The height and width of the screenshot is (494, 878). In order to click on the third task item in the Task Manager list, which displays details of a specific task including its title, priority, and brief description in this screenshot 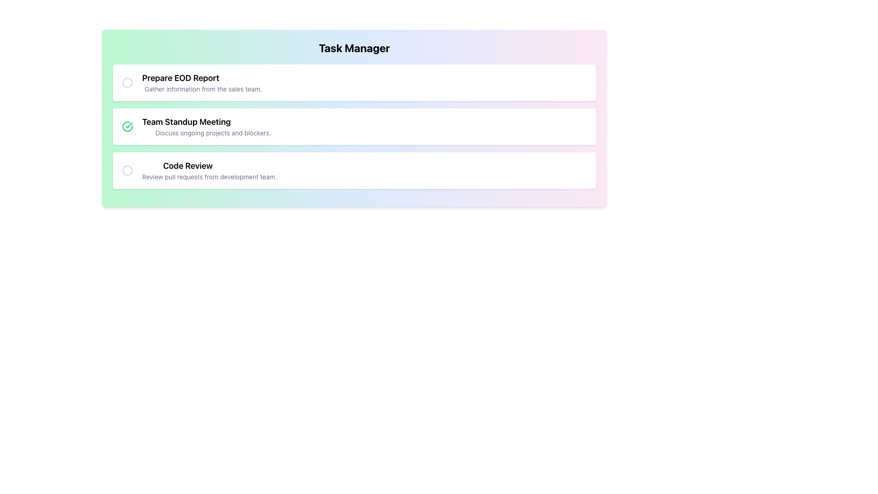, I will do `click(198, 171)`.